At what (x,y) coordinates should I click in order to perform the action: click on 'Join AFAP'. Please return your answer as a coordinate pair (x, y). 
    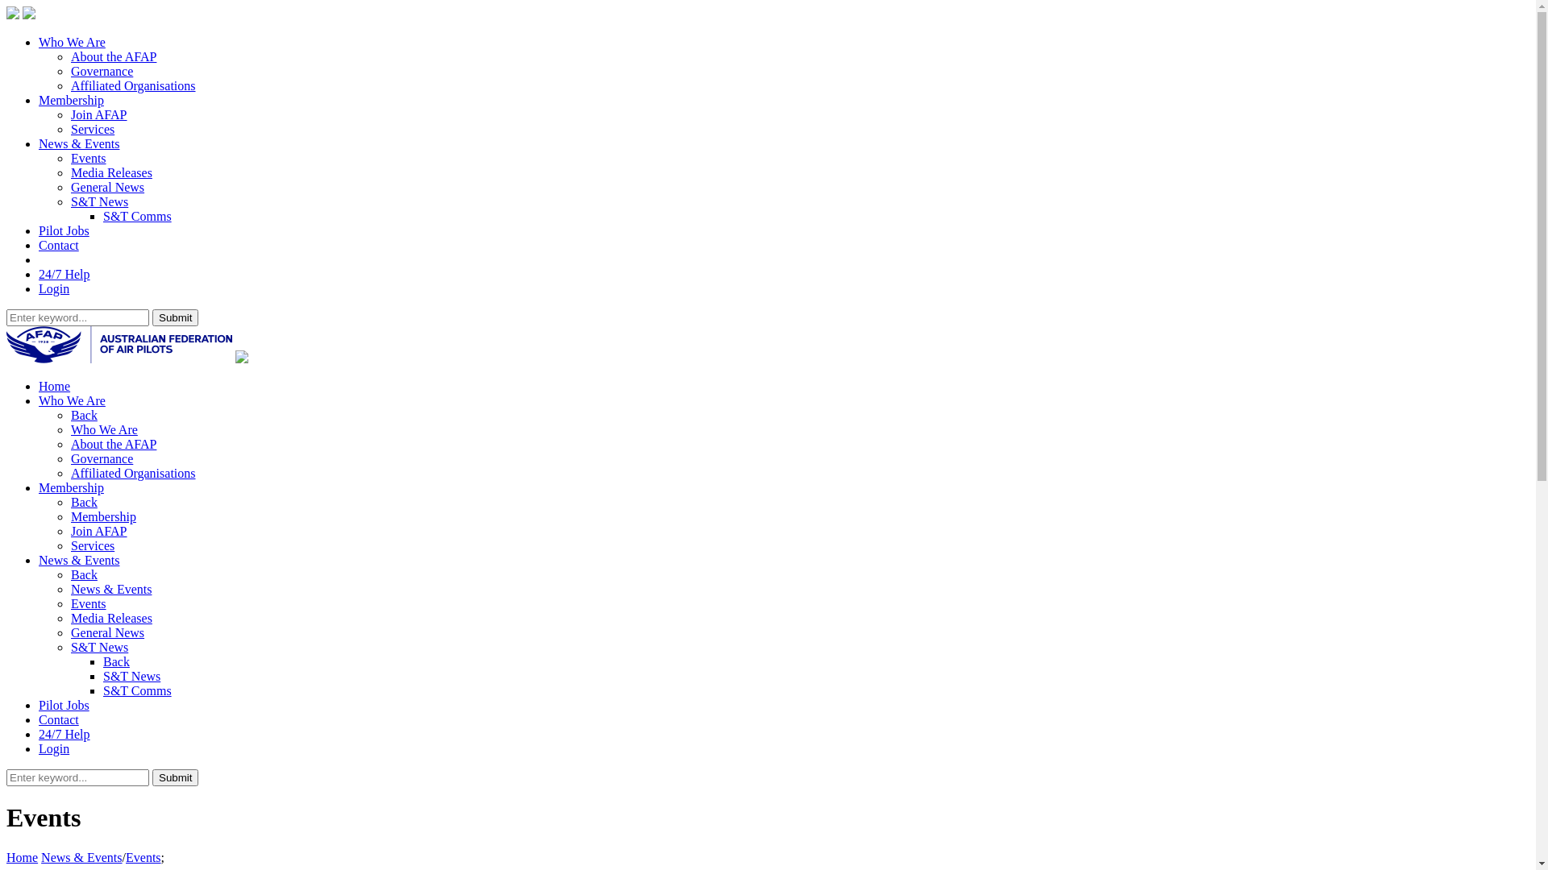
    Looking at the image, I should click on (69, 531).